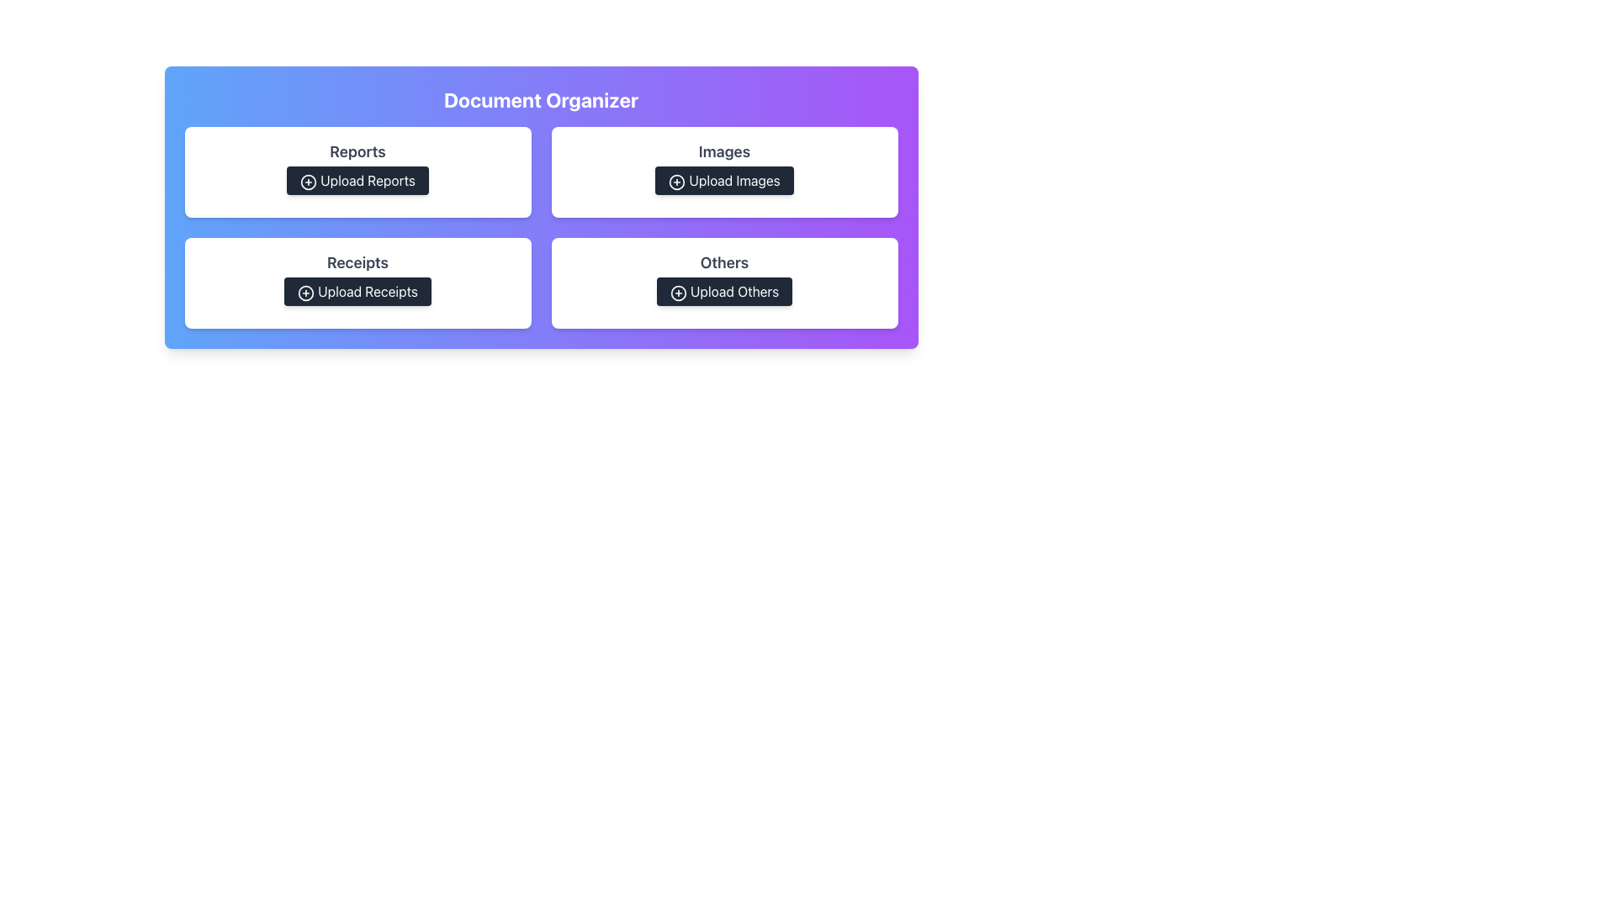  I want to click on the report upload button located below the 'Reports' heading in the 'Document Organizer' interface, so click(357, 181).